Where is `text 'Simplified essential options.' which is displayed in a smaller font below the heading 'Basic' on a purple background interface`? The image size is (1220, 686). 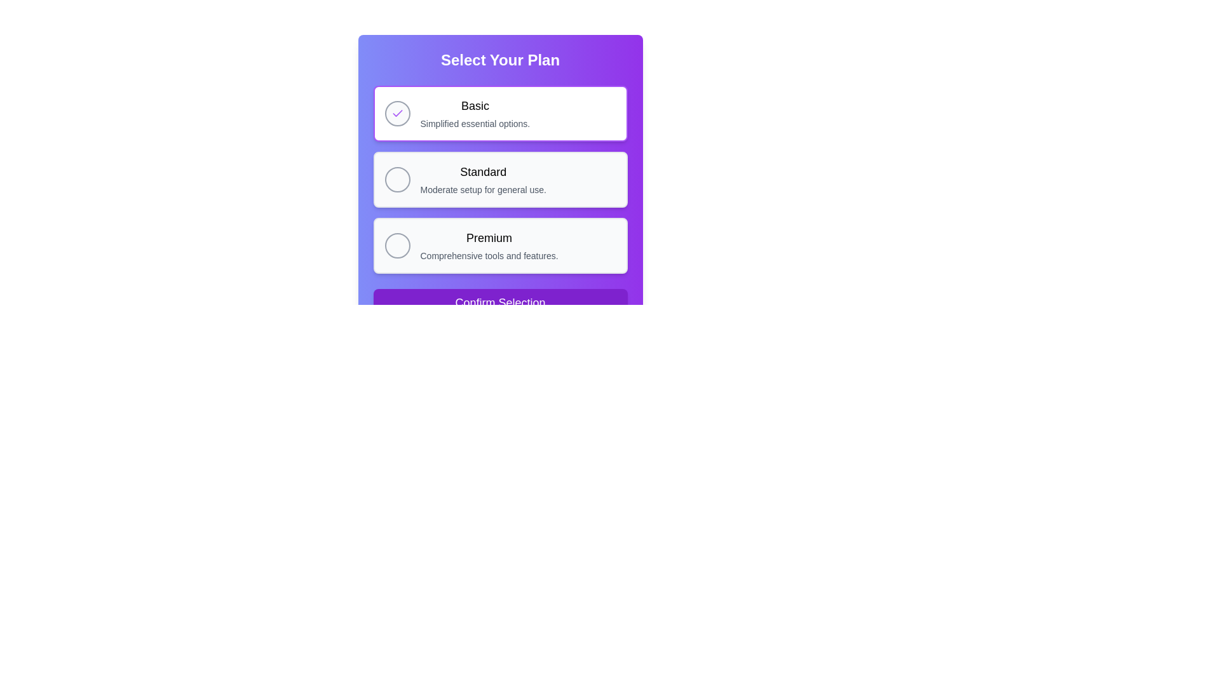
text 'Simplified essential options.' which is displayed in a smaller font below the heading 'Basic' on a purple background interface is located at coordinates (474, 124).